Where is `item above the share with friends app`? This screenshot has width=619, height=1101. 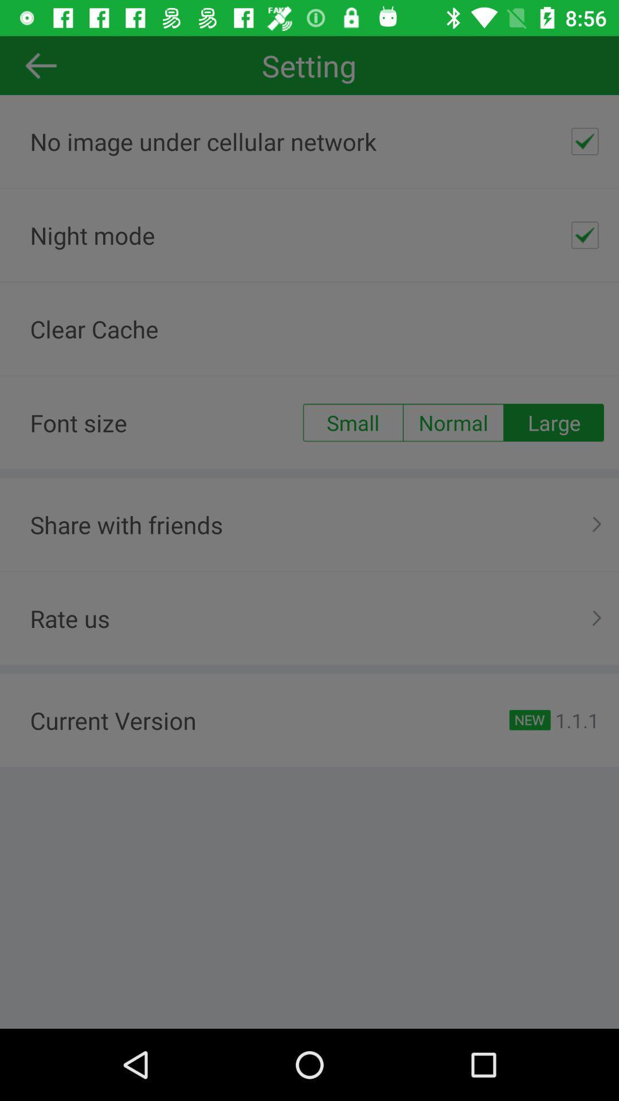
item above the share with friends app is located at coordinates (553, 422).